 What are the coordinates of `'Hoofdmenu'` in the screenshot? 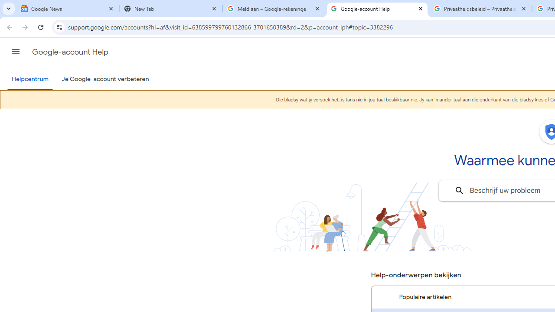 It's located at (15, 52).